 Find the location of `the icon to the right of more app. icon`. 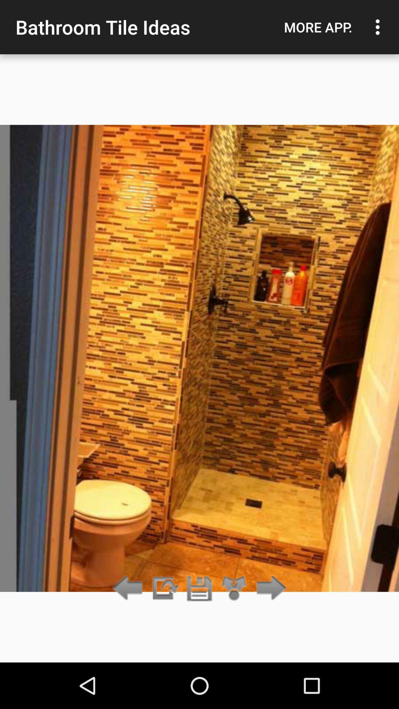

the icon to the right of more app. icon is located at coordinates (379, 27).